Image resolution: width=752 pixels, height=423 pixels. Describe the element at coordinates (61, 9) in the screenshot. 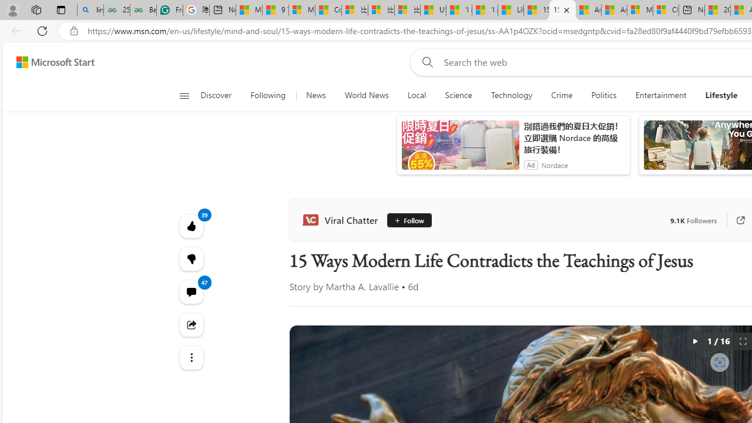

I see `'Tab actions menu'` at that location.